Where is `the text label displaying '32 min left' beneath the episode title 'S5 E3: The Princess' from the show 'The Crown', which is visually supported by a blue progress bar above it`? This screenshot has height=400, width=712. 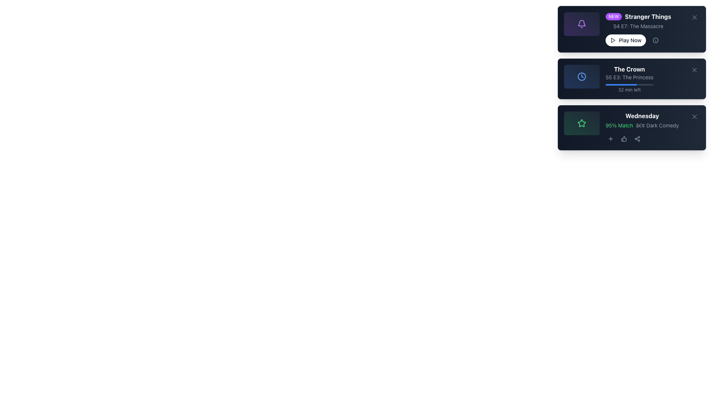 the text label displaying '32 min left' beneath the episode title 'S5 E3: The Princess' from the show 'The Crown', which is visually supported by a blue progress bar above it is located at coordinates (629, 88).